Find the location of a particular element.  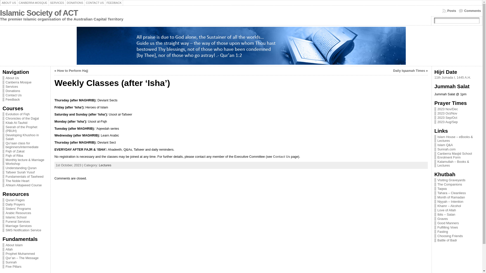

'2023 Nov/Dec' is located at coordinates (448, 109).